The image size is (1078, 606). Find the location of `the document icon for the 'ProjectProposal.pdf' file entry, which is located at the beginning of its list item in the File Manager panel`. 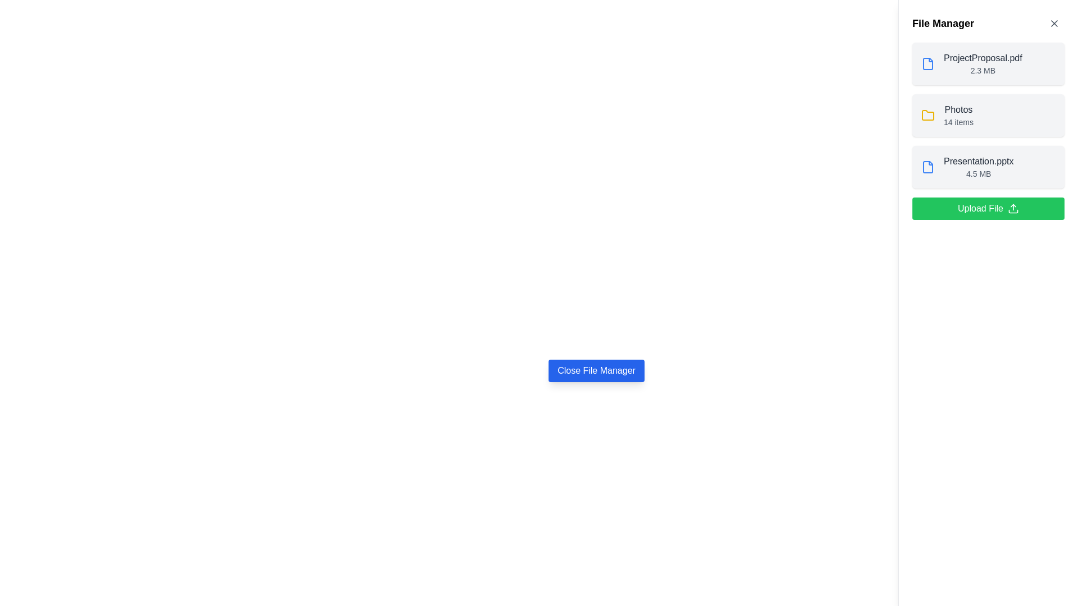

the document icon for the 'ProjectProposal.pdf' file entry, which is located at the beginning of its list item in the File Manager panel is located at coordinates (928, 64).